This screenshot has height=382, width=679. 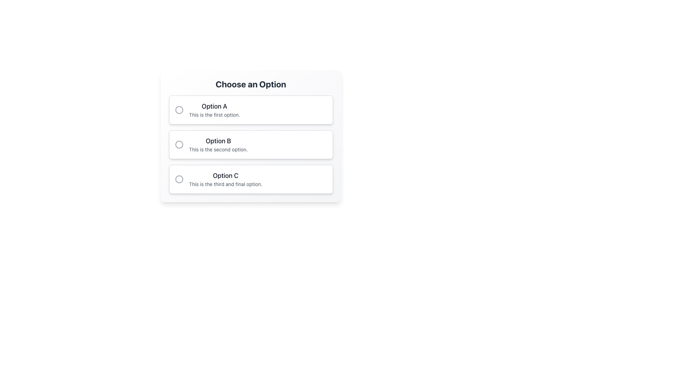 I want to click on the text label reading 'This is the second option.' which is located below the bold heading 'Option B' in the second section of the interface, so click(x=218, y=149).